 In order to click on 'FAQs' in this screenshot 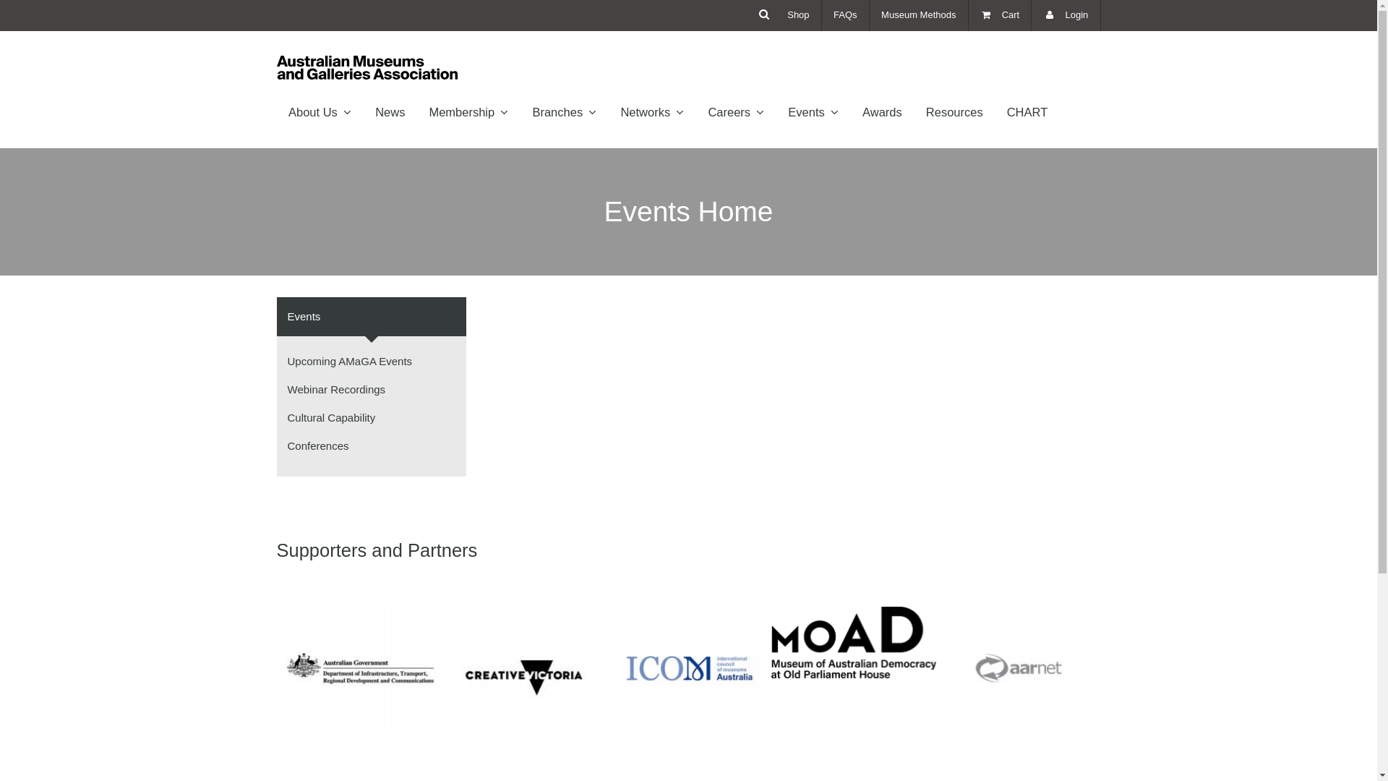, I will do `click(822, 15)`.